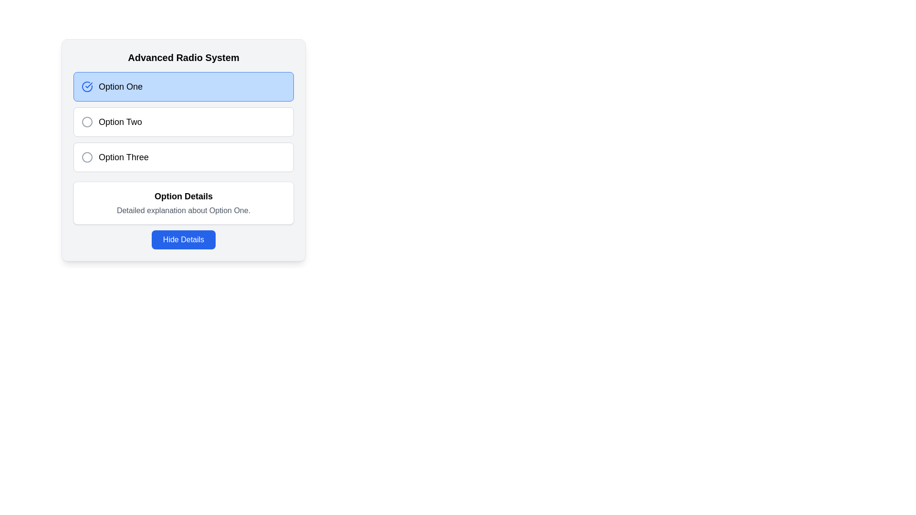 The width and height of the screenshot is (916, 515). I want to click on the circular radio button labeled 'Option Three', so click(183, 150).